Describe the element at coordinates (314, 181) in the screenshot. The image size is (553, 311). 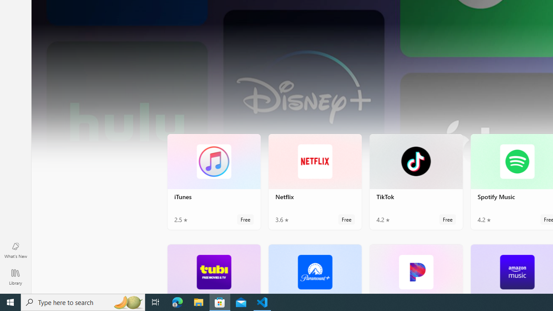
I see `'Netflix. Average rating of 3.6 out of five stars. Free  '` at that location.